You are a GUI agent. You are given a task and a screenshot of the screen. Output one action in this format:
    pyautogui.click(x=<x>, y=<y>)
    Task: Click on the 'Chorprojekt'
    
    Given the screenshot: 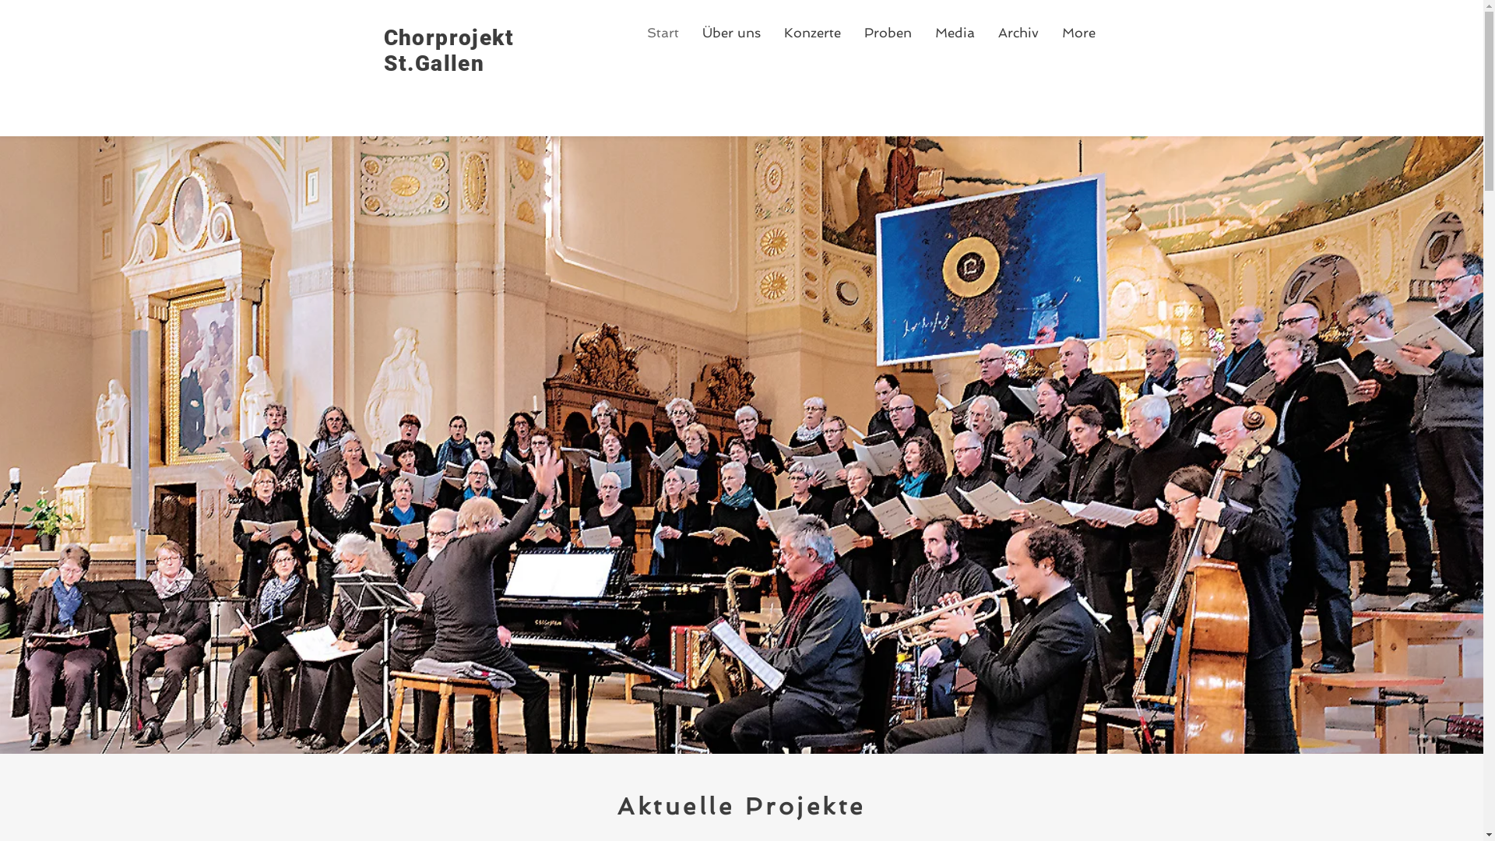 What is the action you would take?
    pyautogui.click(x=447, y=37)
    